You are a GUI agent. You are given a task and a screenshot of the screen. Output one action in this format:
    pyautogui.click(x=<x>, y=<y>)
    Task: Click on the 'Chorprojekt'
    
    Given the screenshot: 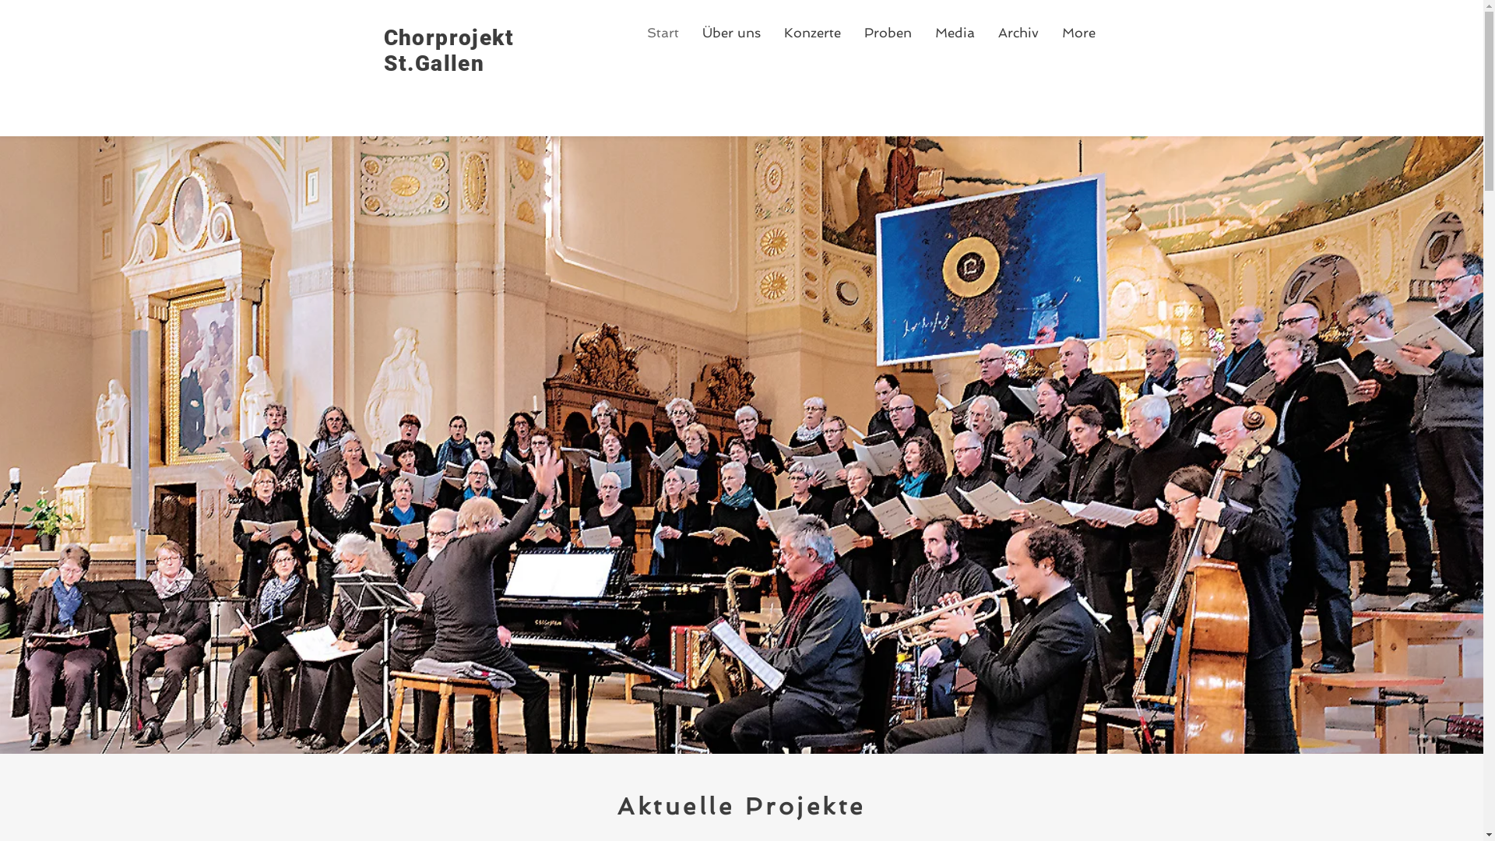 What is the action you would take?
    pyautogui.click(x=447, y=37)
    